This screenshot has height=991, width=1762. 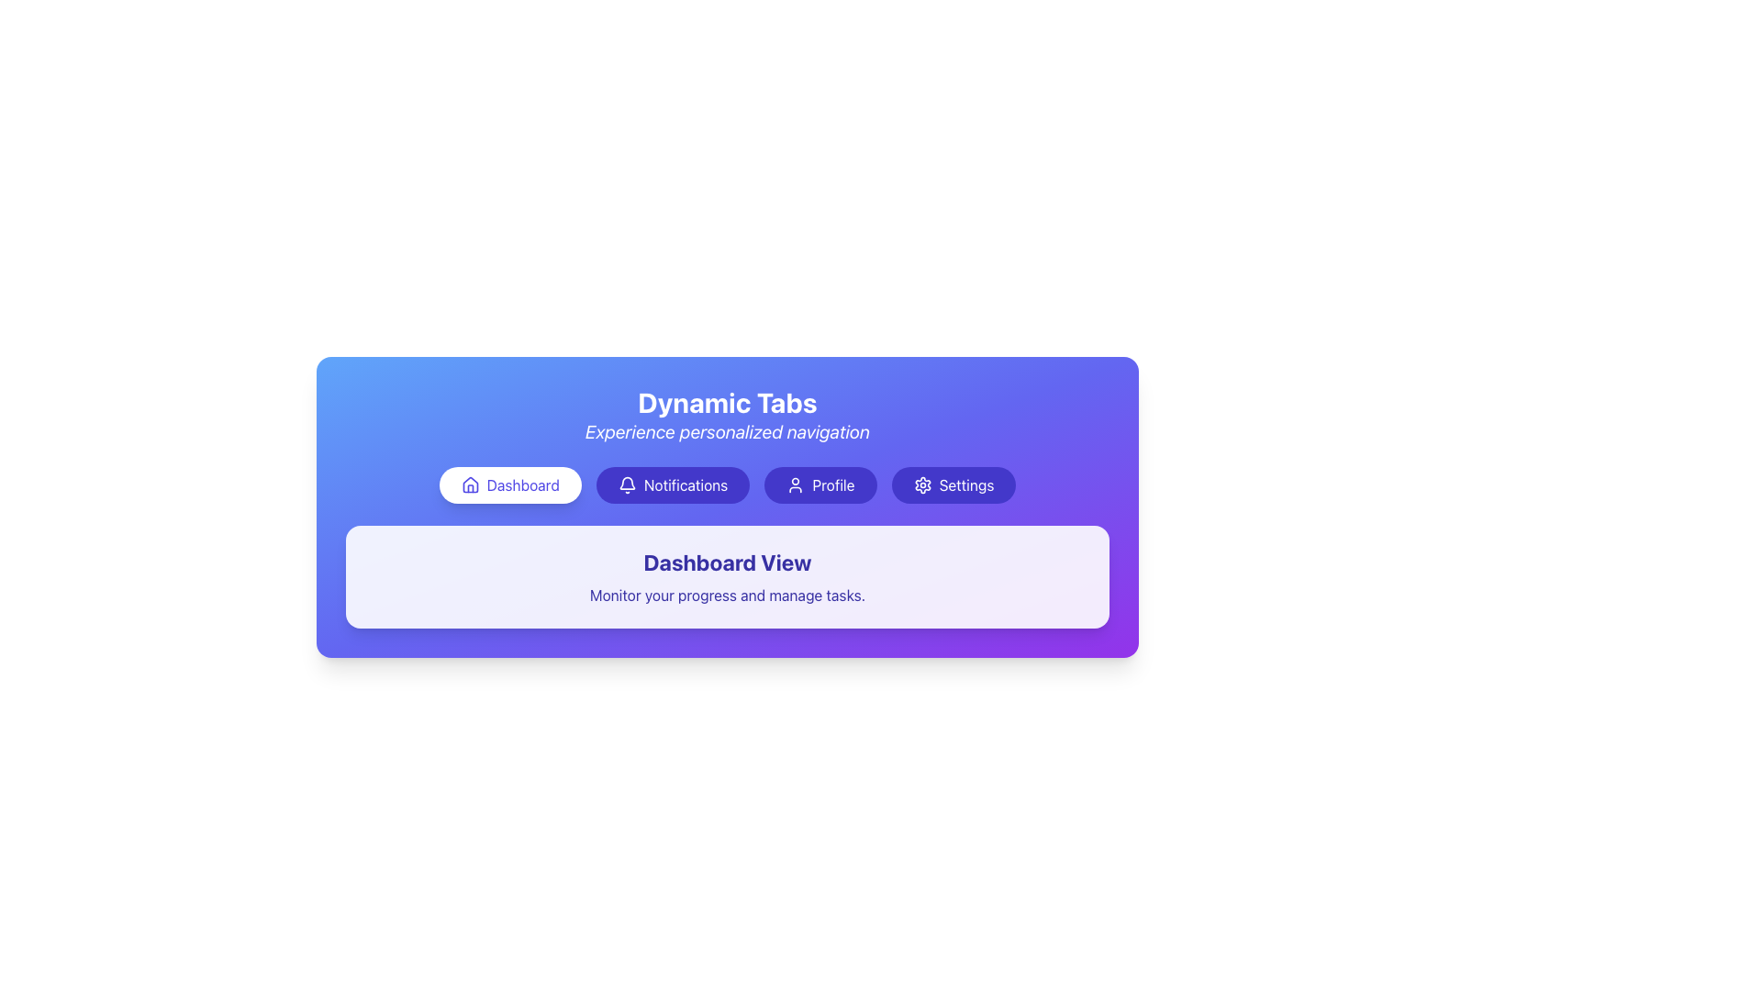 I want to click on the Text Block with Header and Description that provides informative content for the dashboard view section, helping users navigate the interface effectively, so click(x=726, y=575).